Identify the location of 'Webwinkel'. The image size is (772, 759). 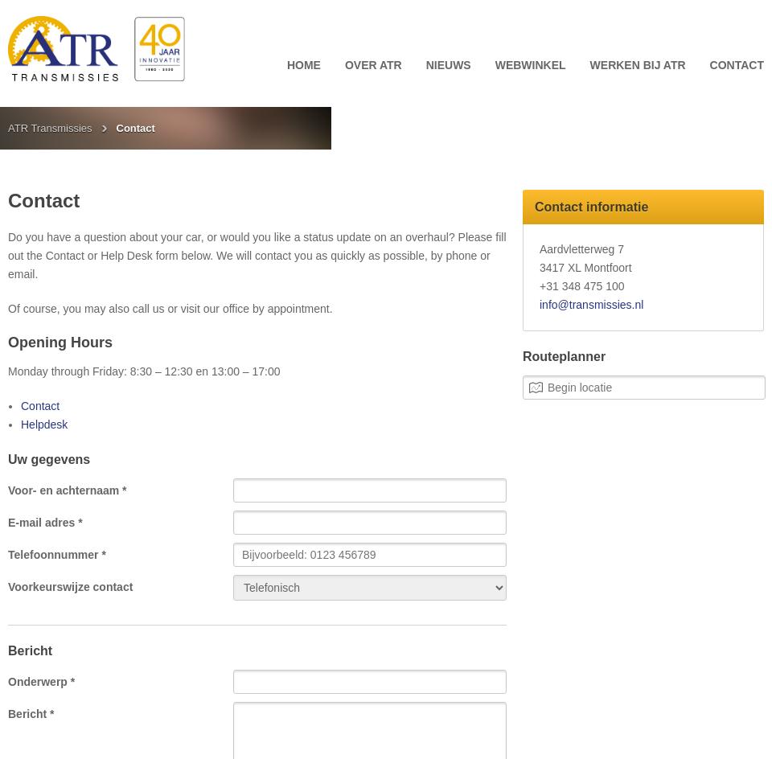
(529, 64).